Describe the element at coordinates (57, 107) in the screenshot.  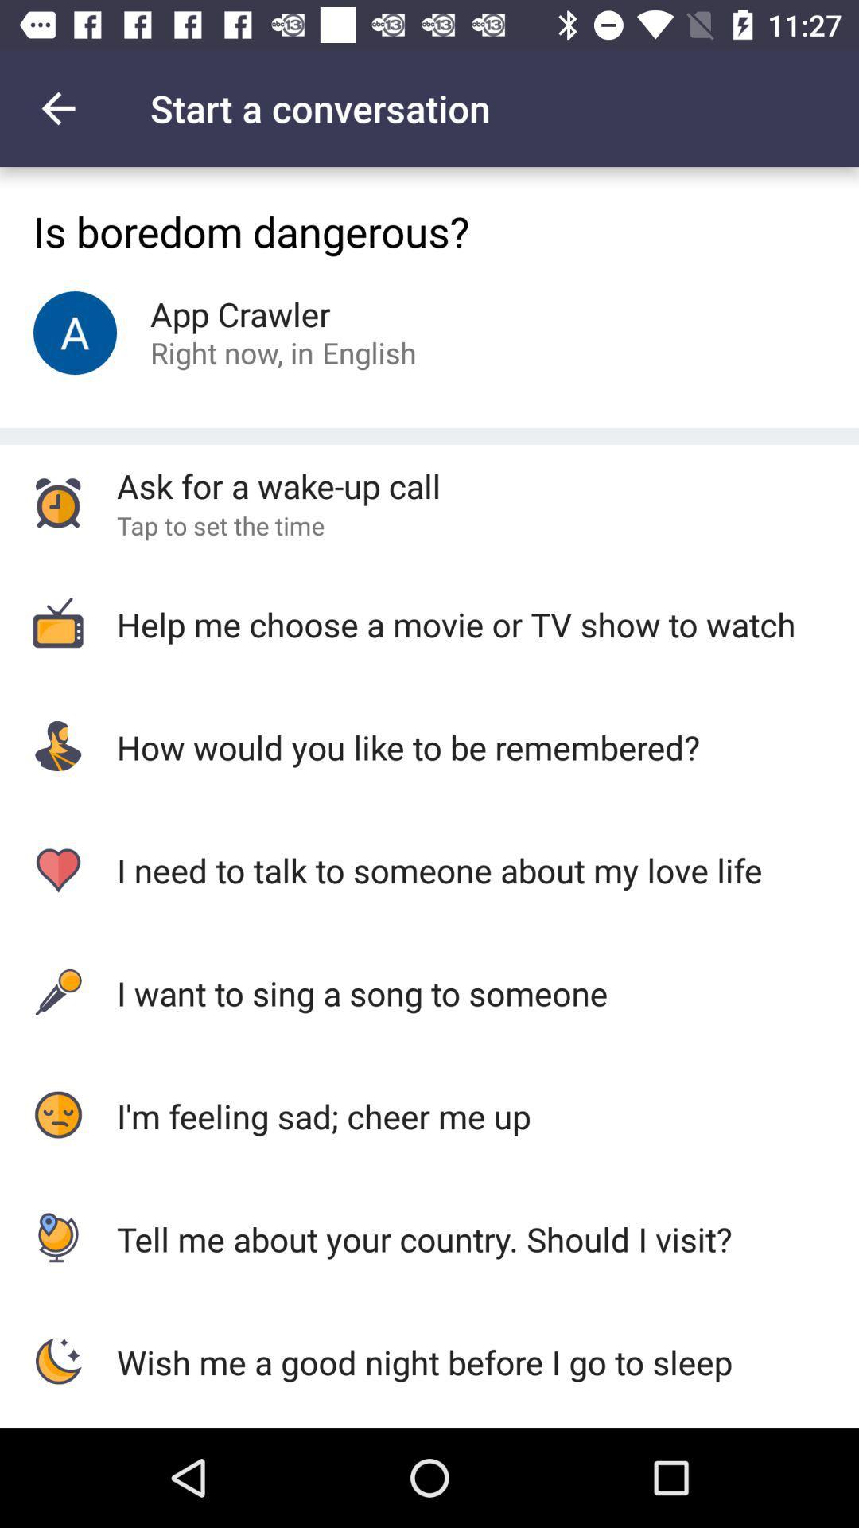
I see `item above the is boredom dangerous?` at that location.